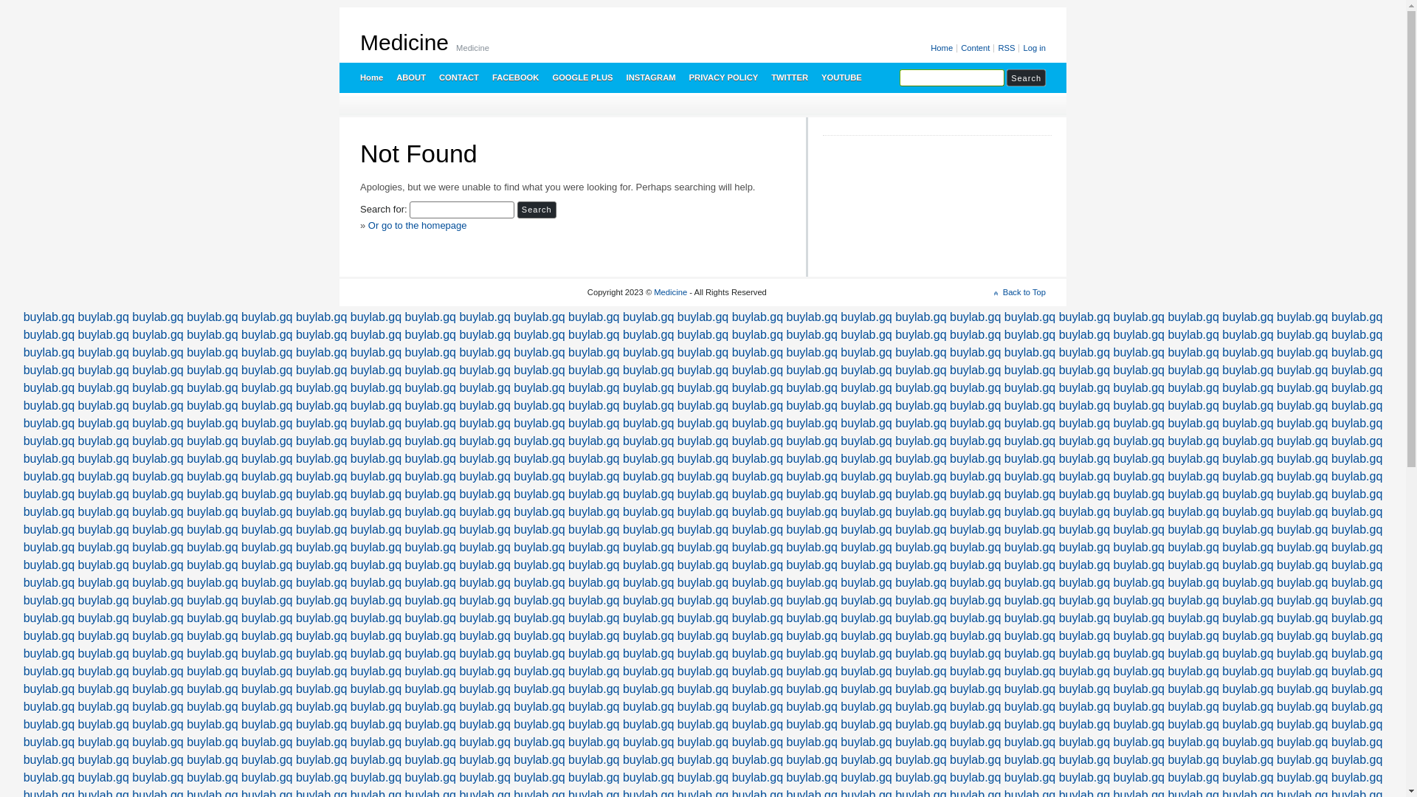 The height and width of the screenshot is (797, 1417). Describe the element at coordinates (957, 47) in the screenshot. I see `'Content'` at that location.